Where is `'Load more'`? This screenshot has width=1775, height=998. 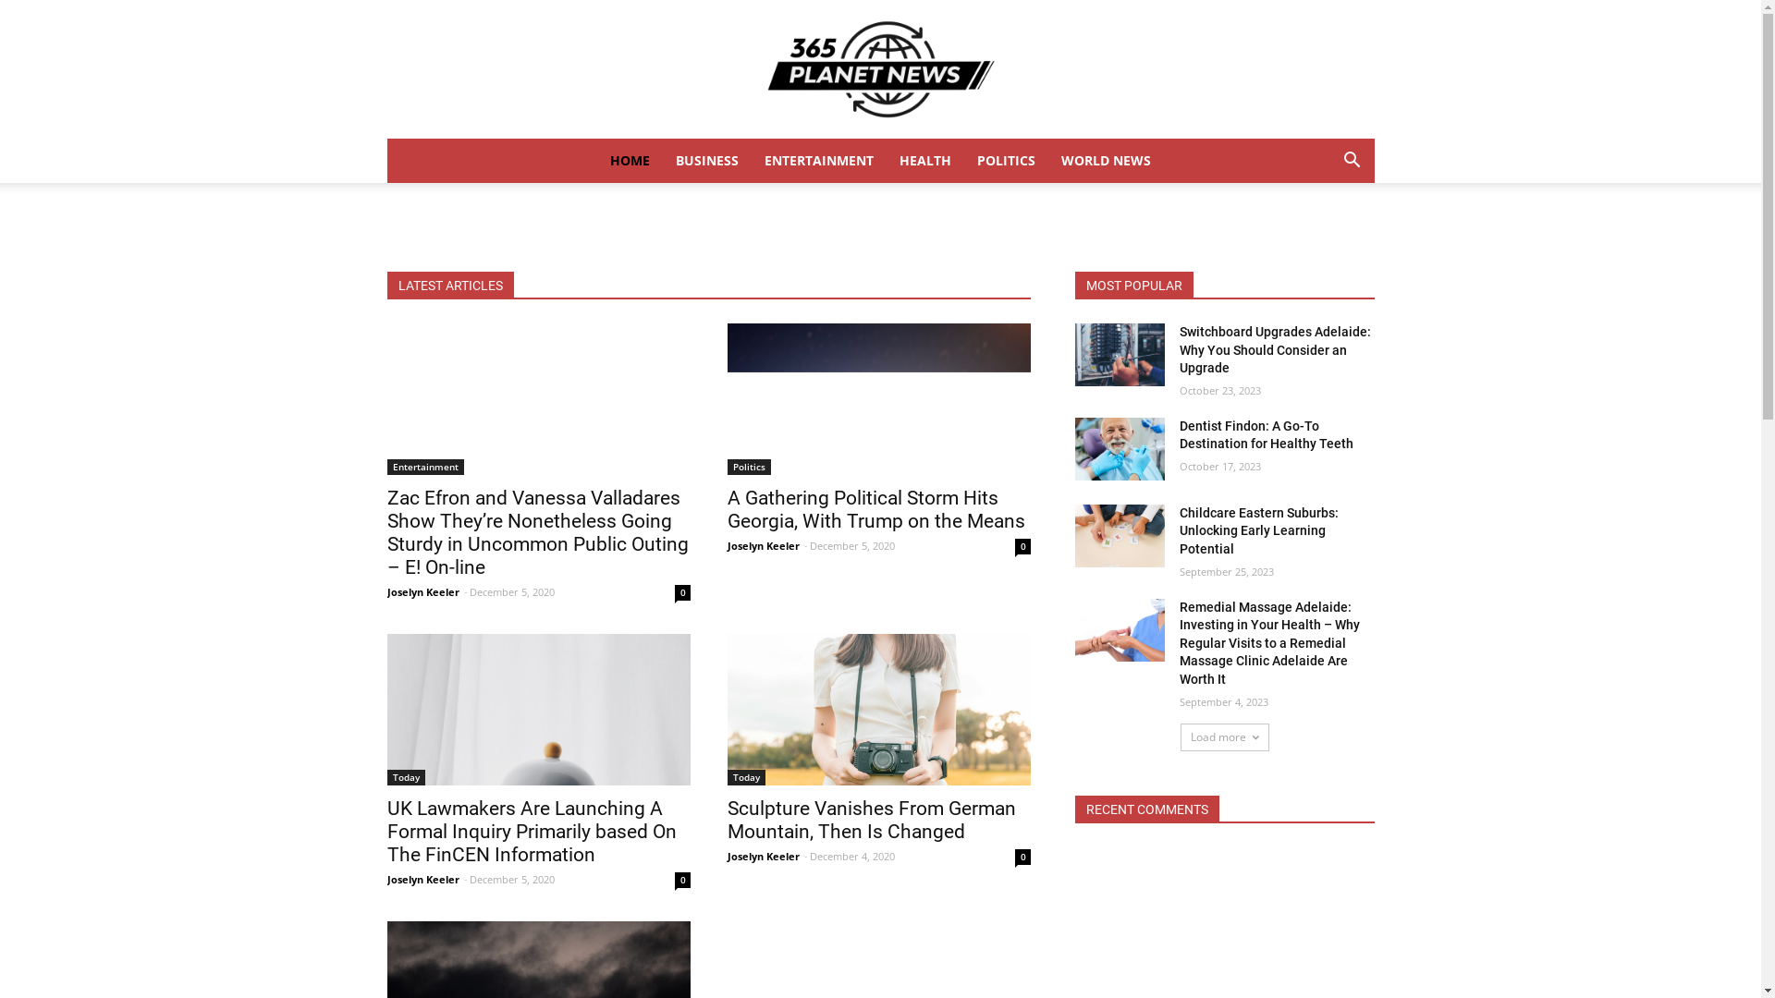 'Load more' is located at coordinates (1179, 736).